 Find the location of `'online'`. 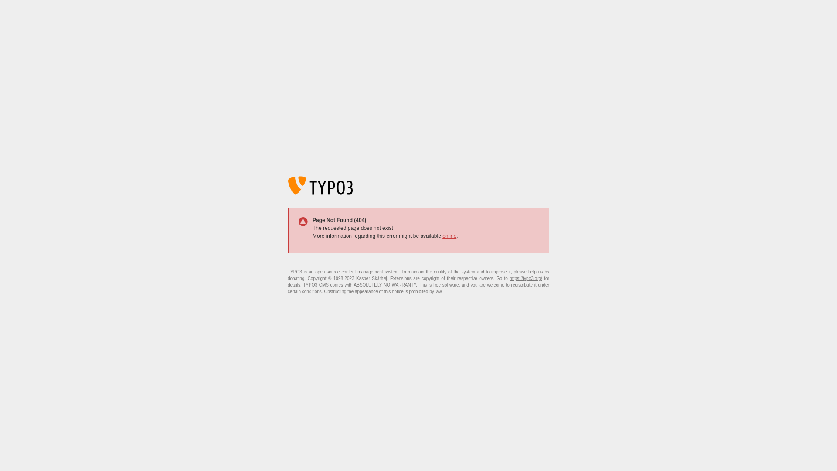

'online' is located at coordinates (449, 235).